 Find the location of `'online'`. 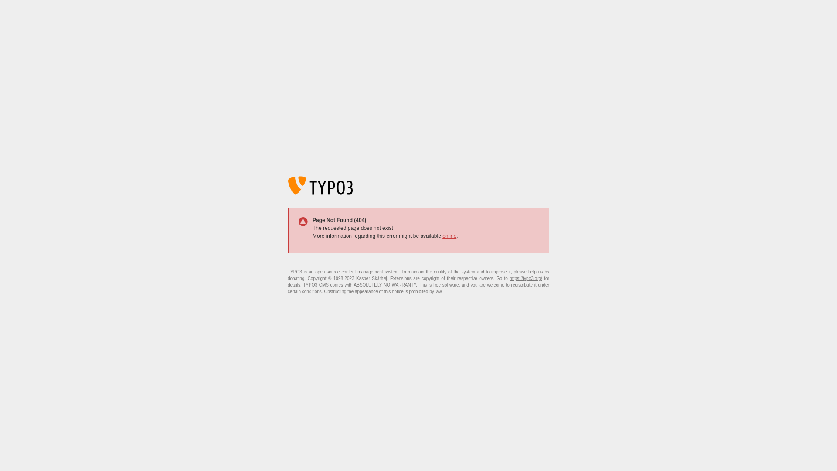

'online' is located at coordinates (449, 235).